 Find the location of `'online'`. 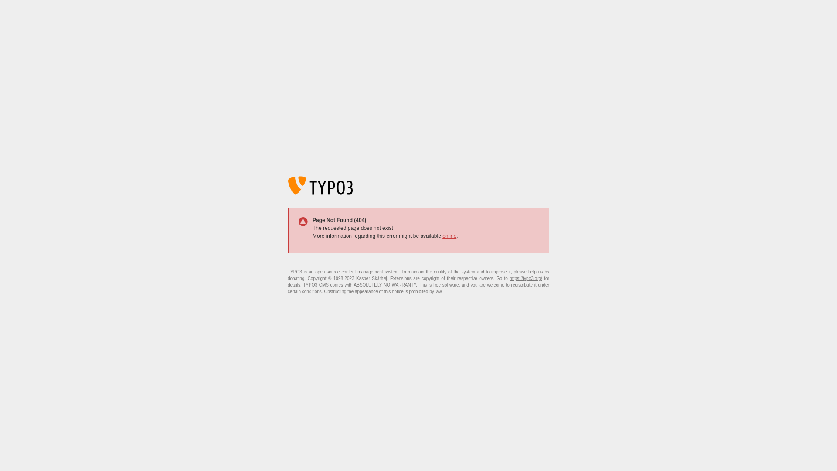

'online' is located at coordinates (449, 235).